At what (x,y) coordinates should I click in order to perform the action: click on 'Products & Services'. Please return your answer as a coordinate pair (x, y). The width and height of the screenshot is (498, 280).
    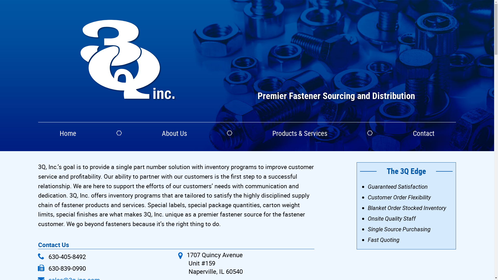
    Looking at the image, I should click on (300, 133).